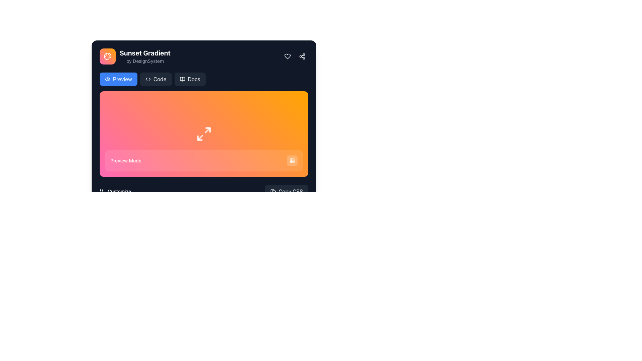  What do you see at coordinates (145, 61) in the screenshot?
I see `text content of the Text Label displaying 'by DesignSystem' in a small gray font, located beneath the title 'Sunset Gradient'` at bounding box center [145, 61].